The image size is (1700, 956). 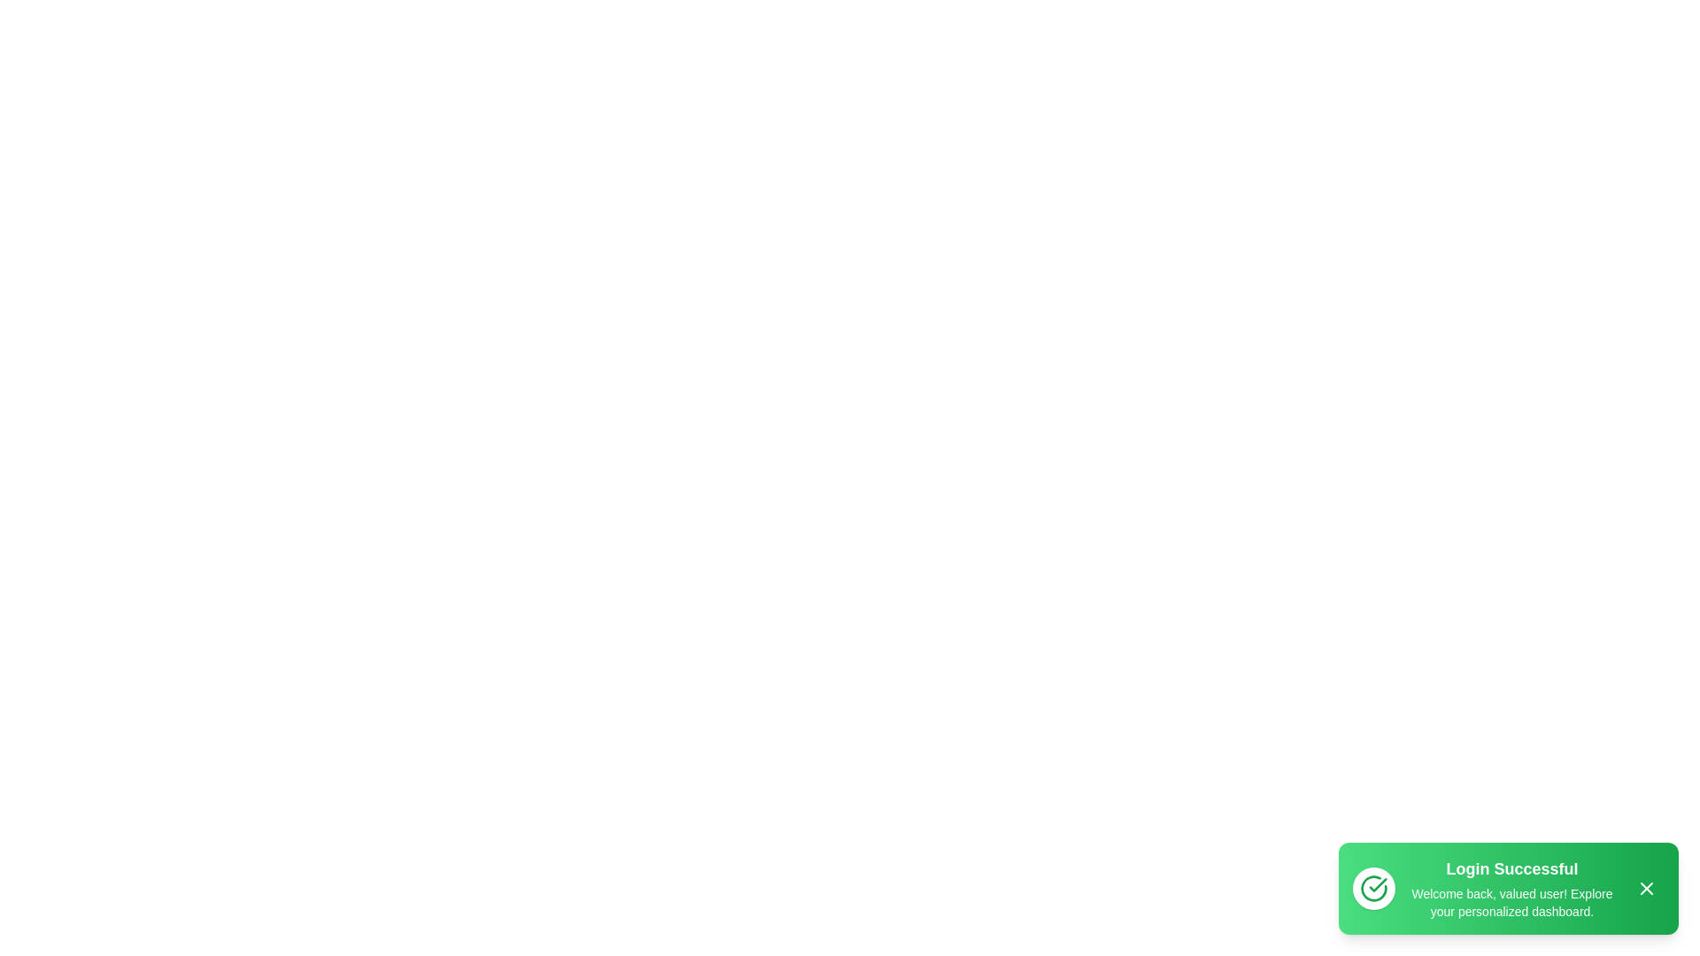 What do you see at coordinates (1646, 888) in the screenshot?
I see `the close button to dismiss the notification` at bounding box center [1646, 888].